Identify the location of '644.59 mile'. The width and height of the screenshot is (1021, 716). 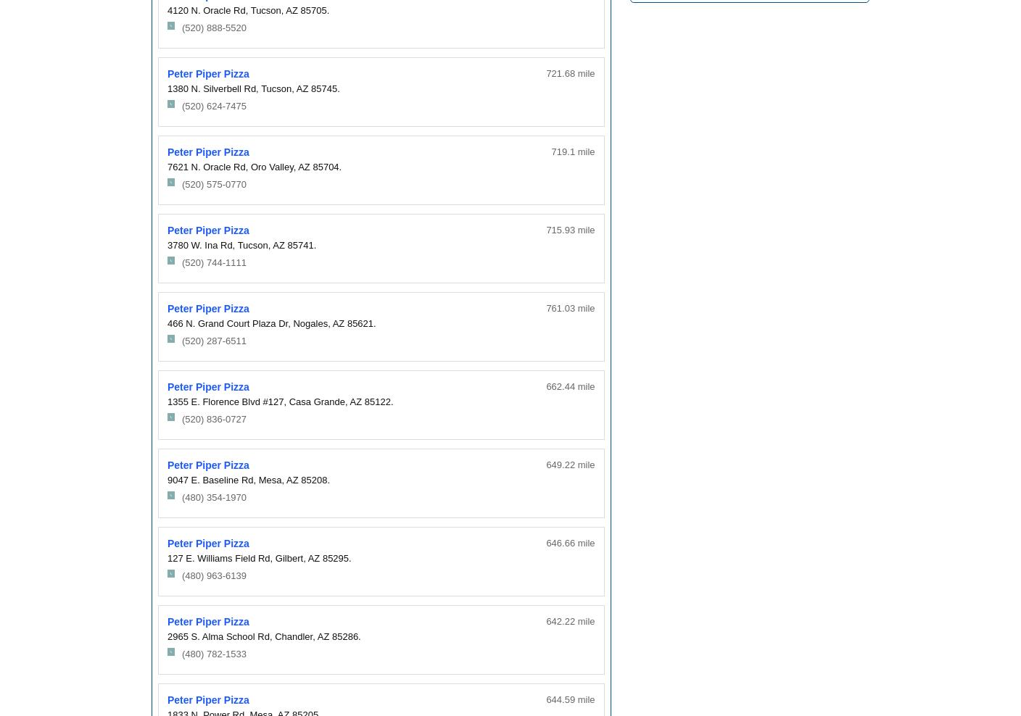
(569, 699).